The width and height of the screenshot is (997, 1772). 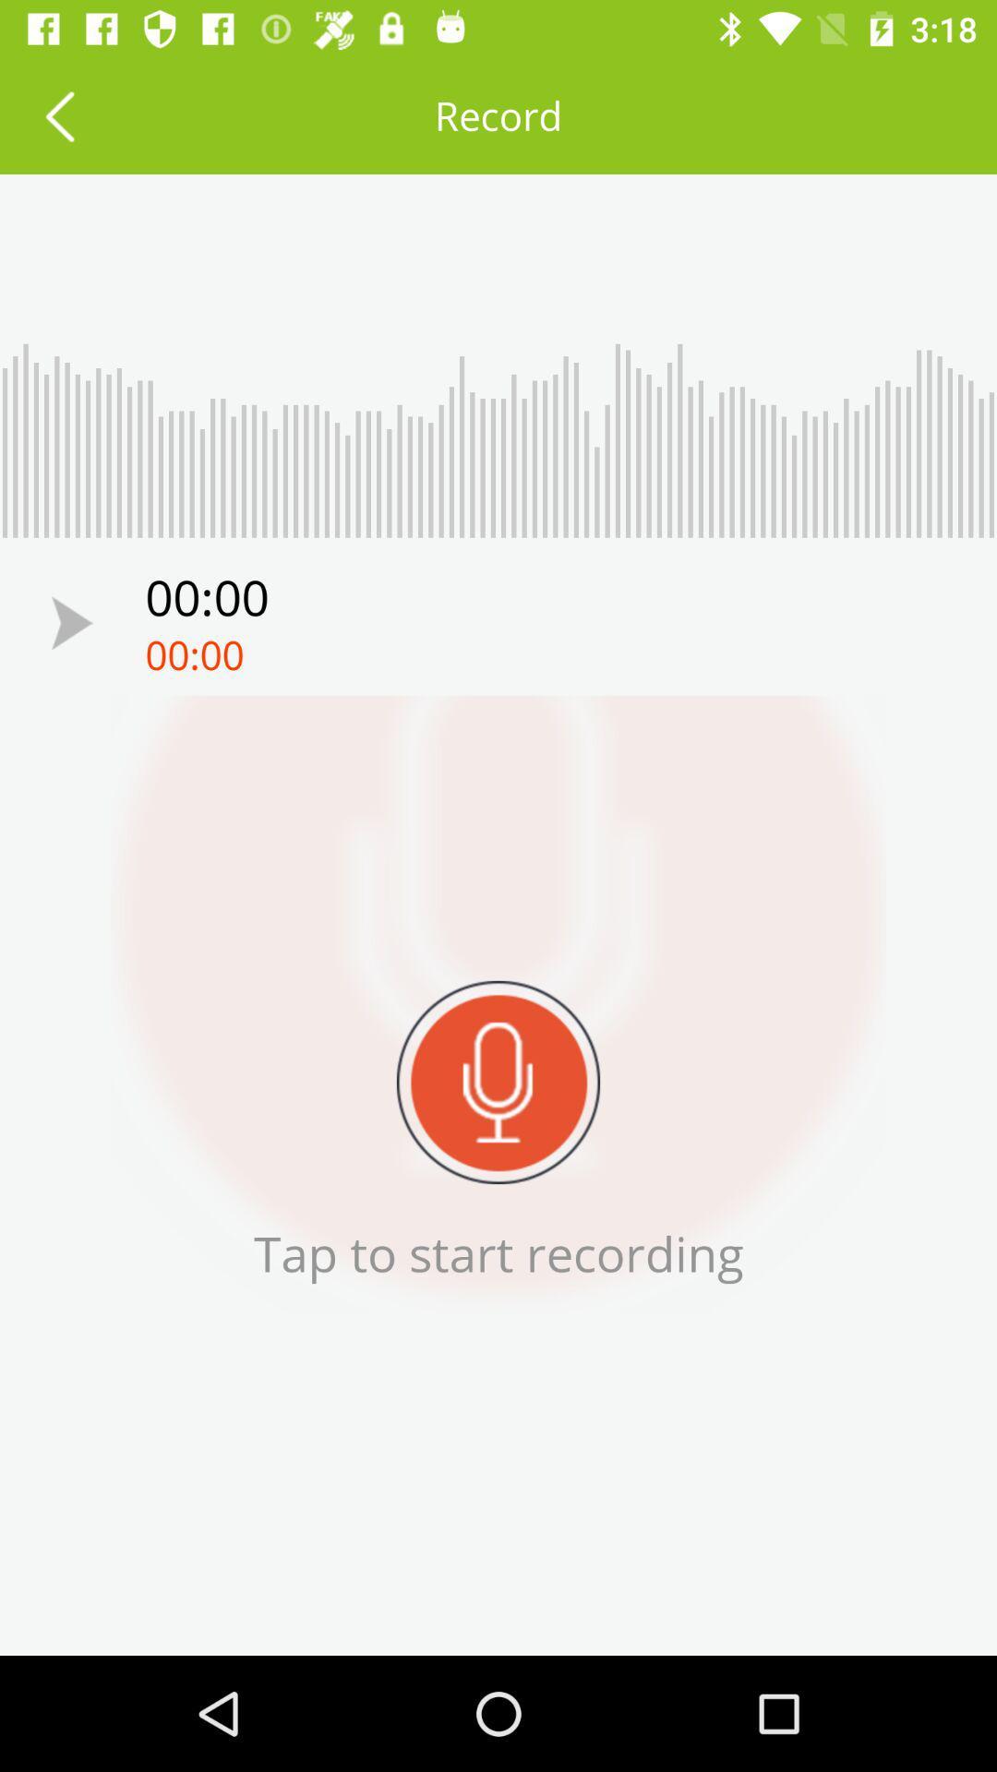 What do you see at coordinates (58, 114) in the screenshot?
I see `icon to the left of record` at bounding box center [58, 114].